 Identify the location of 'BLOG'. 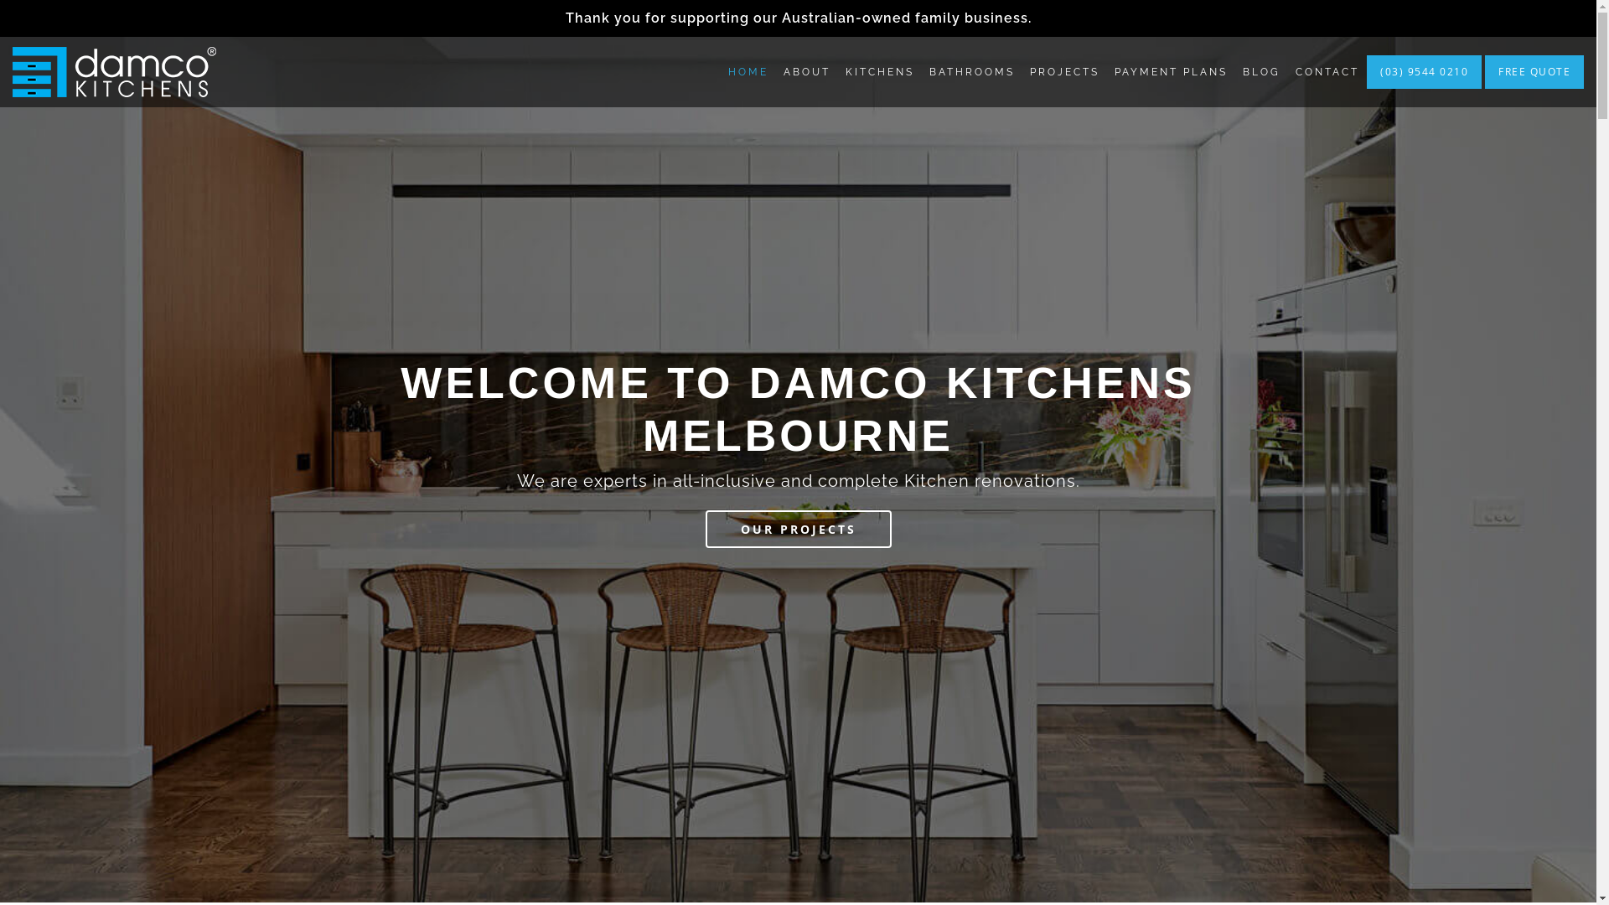
(1261, 70).